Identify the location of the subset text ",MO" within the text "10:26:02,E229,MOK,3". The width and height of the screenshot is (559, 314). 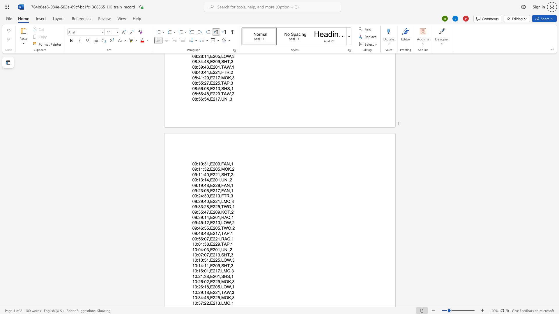
(220, 281).